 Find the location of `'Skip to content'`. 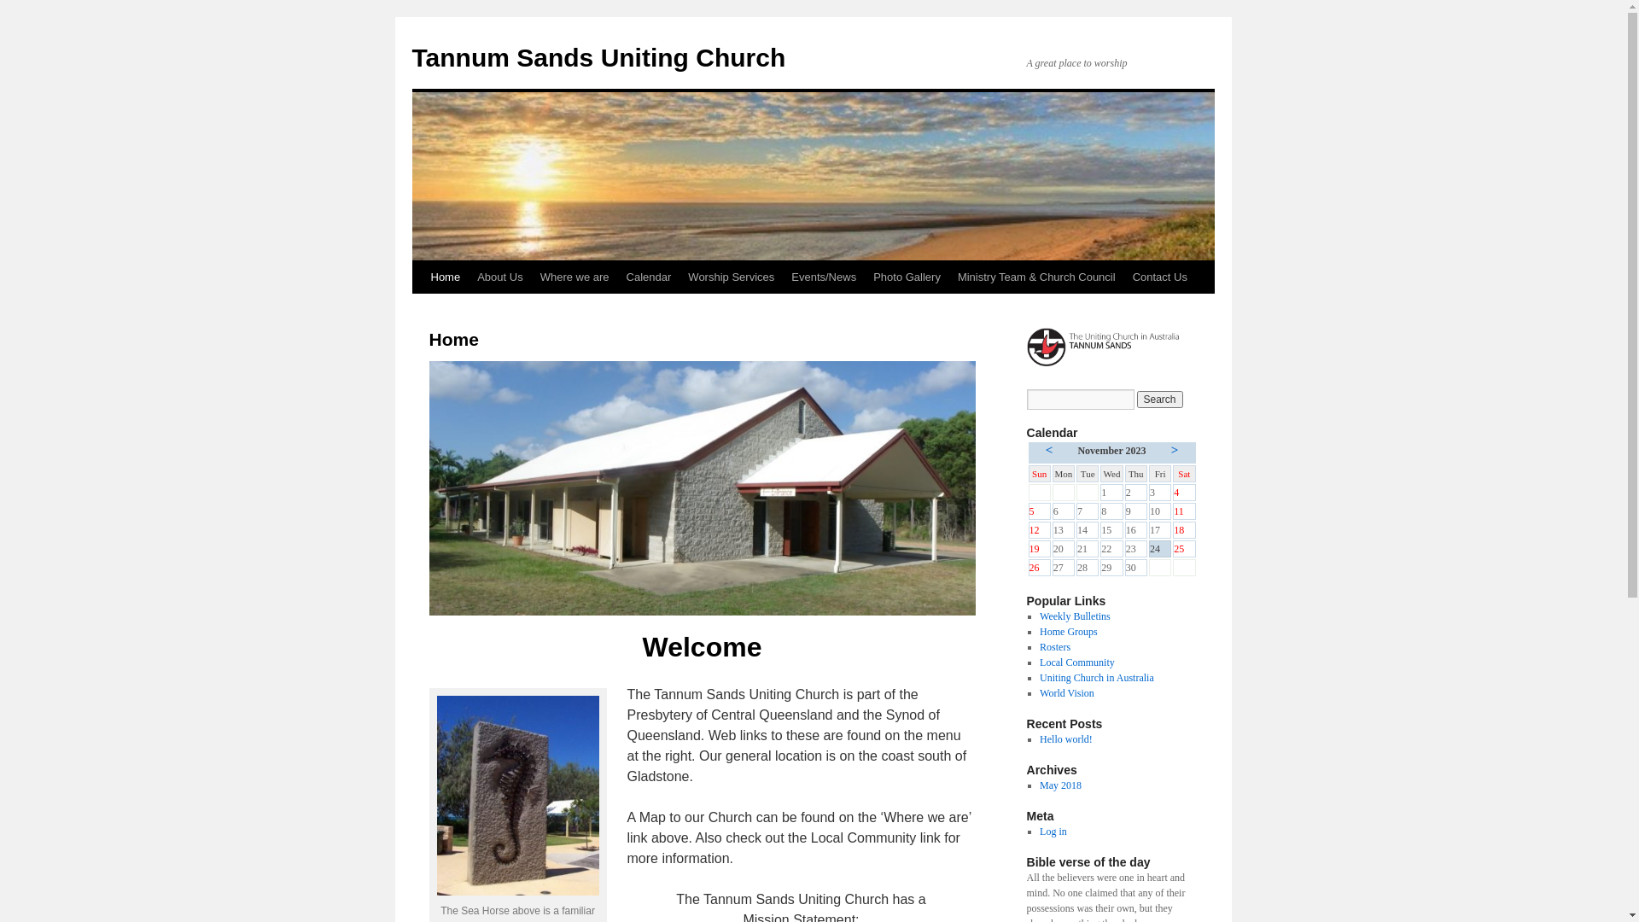

'Skip to content' is located at coordinates (419, 309).